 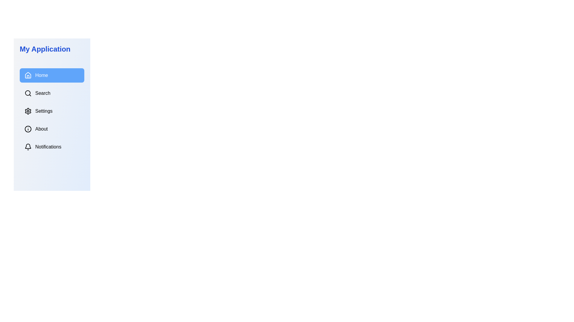 What do you see at coordinates (45, 49) in the screenshot?
I see `the text label displaying 'My Application' which is styled in bold blue font and serves as a title or header at the top left corner of the application interface` at bounding box center [45, 49].